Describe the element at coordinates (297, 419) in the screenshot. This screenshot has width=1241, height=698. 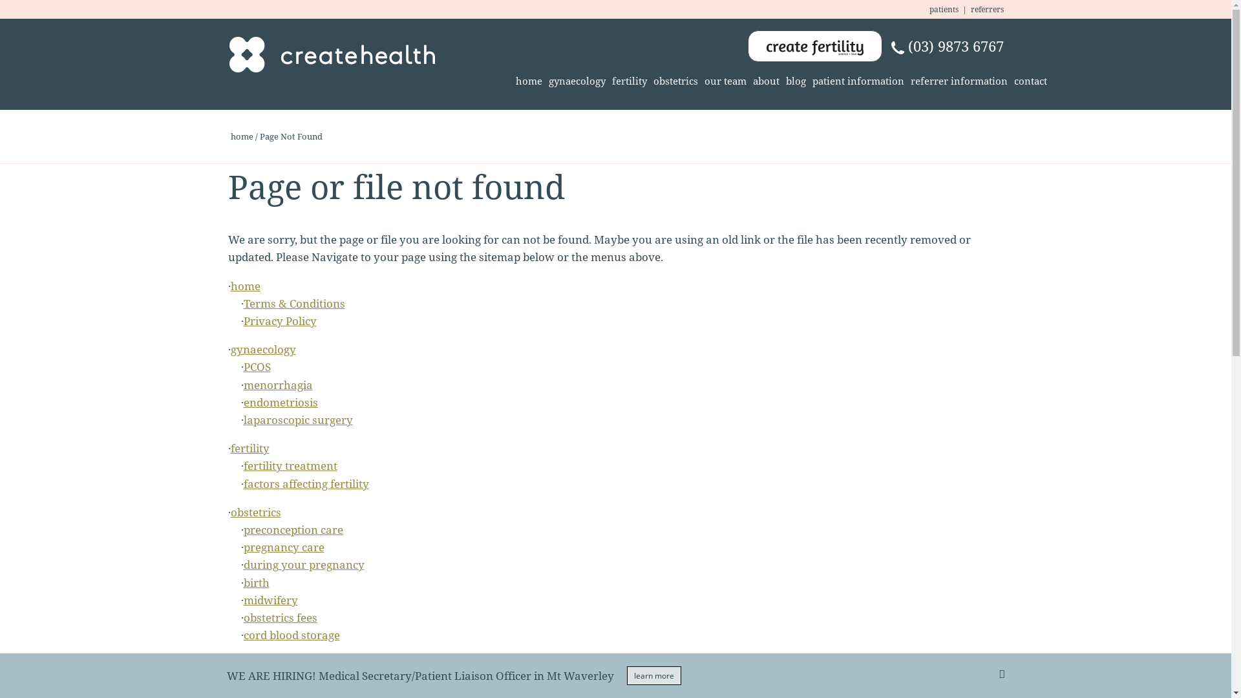
I see `'laparoscopic surgery'` at that location.